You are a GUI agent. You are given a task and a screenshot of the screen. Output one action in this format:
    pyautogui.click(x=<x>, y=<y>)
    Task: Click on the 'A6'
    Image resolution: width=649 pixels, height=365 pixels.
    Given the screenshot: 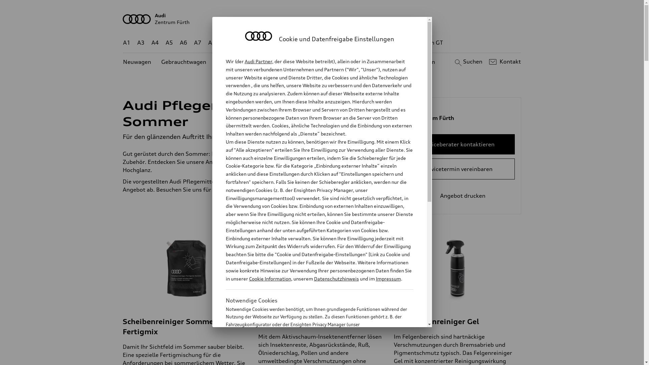 What is the action you would take?
    pyautogui.click(x=183, y=43)
    